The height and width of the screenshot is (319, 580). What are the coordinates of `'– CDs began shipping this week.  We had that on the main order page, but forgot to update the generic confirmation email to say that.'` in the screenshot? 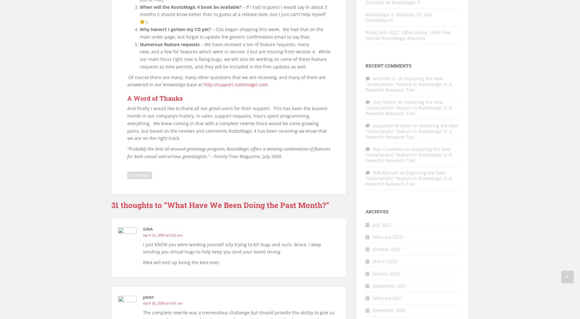 It's located at (231, 33).